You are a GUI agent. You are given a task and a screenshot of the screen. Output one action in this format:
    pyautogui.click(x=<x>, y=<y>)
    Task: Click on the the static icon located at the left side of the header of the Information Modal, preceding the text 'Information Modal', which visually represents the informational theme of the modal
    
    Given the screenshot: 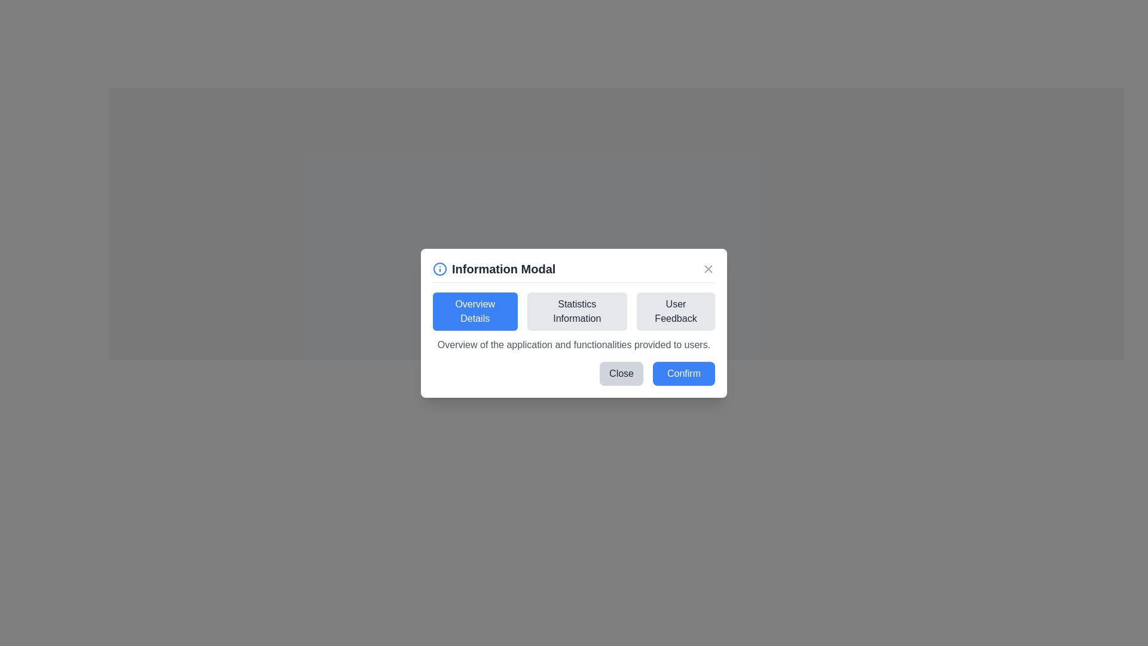 What is the action you would take?
    pyautogui.click(x=439, y=267)
    